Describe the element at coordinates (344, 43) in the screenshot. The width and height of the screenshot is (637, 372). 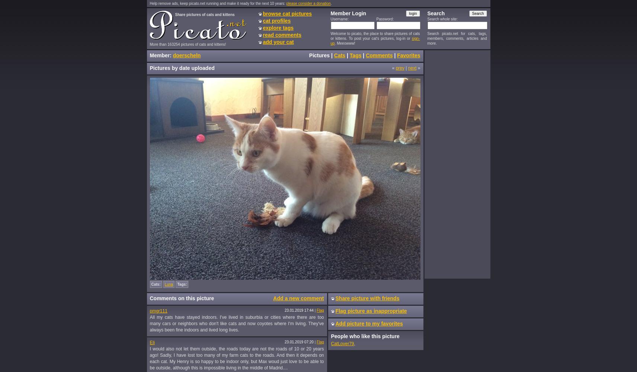
I see `'. Meeowww!'` at that location.